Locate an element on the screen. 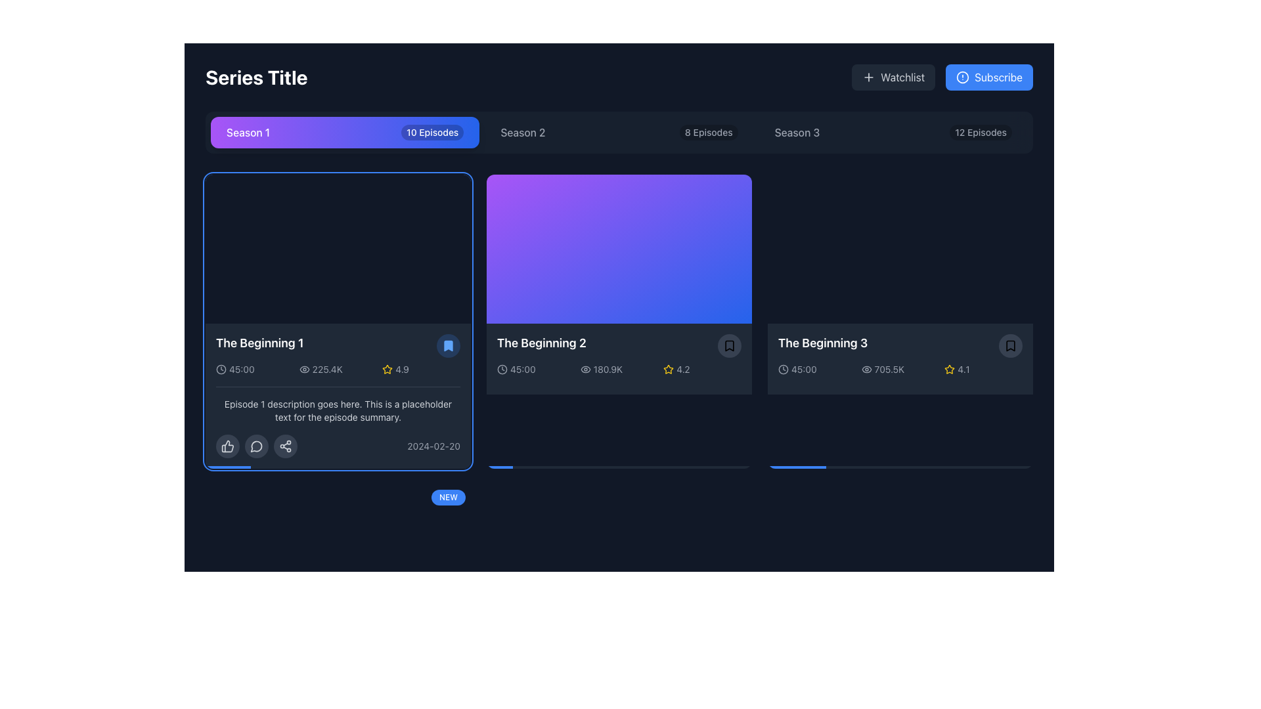 This screenshot has height=709, width=1261. the 'Season 2' button in the series navigation bar is located at coordinates (618, 132).